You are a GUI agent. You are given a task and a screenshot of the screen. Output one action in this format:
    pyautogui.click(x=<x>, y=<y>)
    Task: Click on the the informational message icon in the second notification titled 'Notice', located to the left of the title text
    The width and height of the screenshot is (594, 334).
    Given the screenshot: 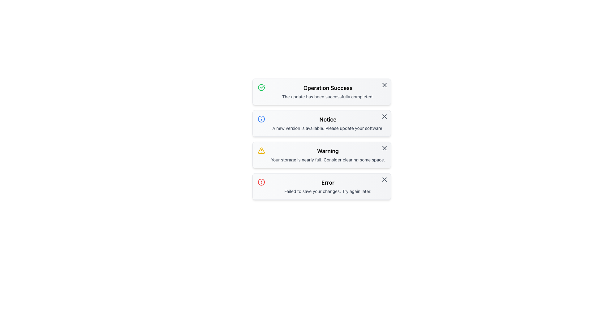 What is the action you would take?
    pyautogui.click(x=261, y=119)
    